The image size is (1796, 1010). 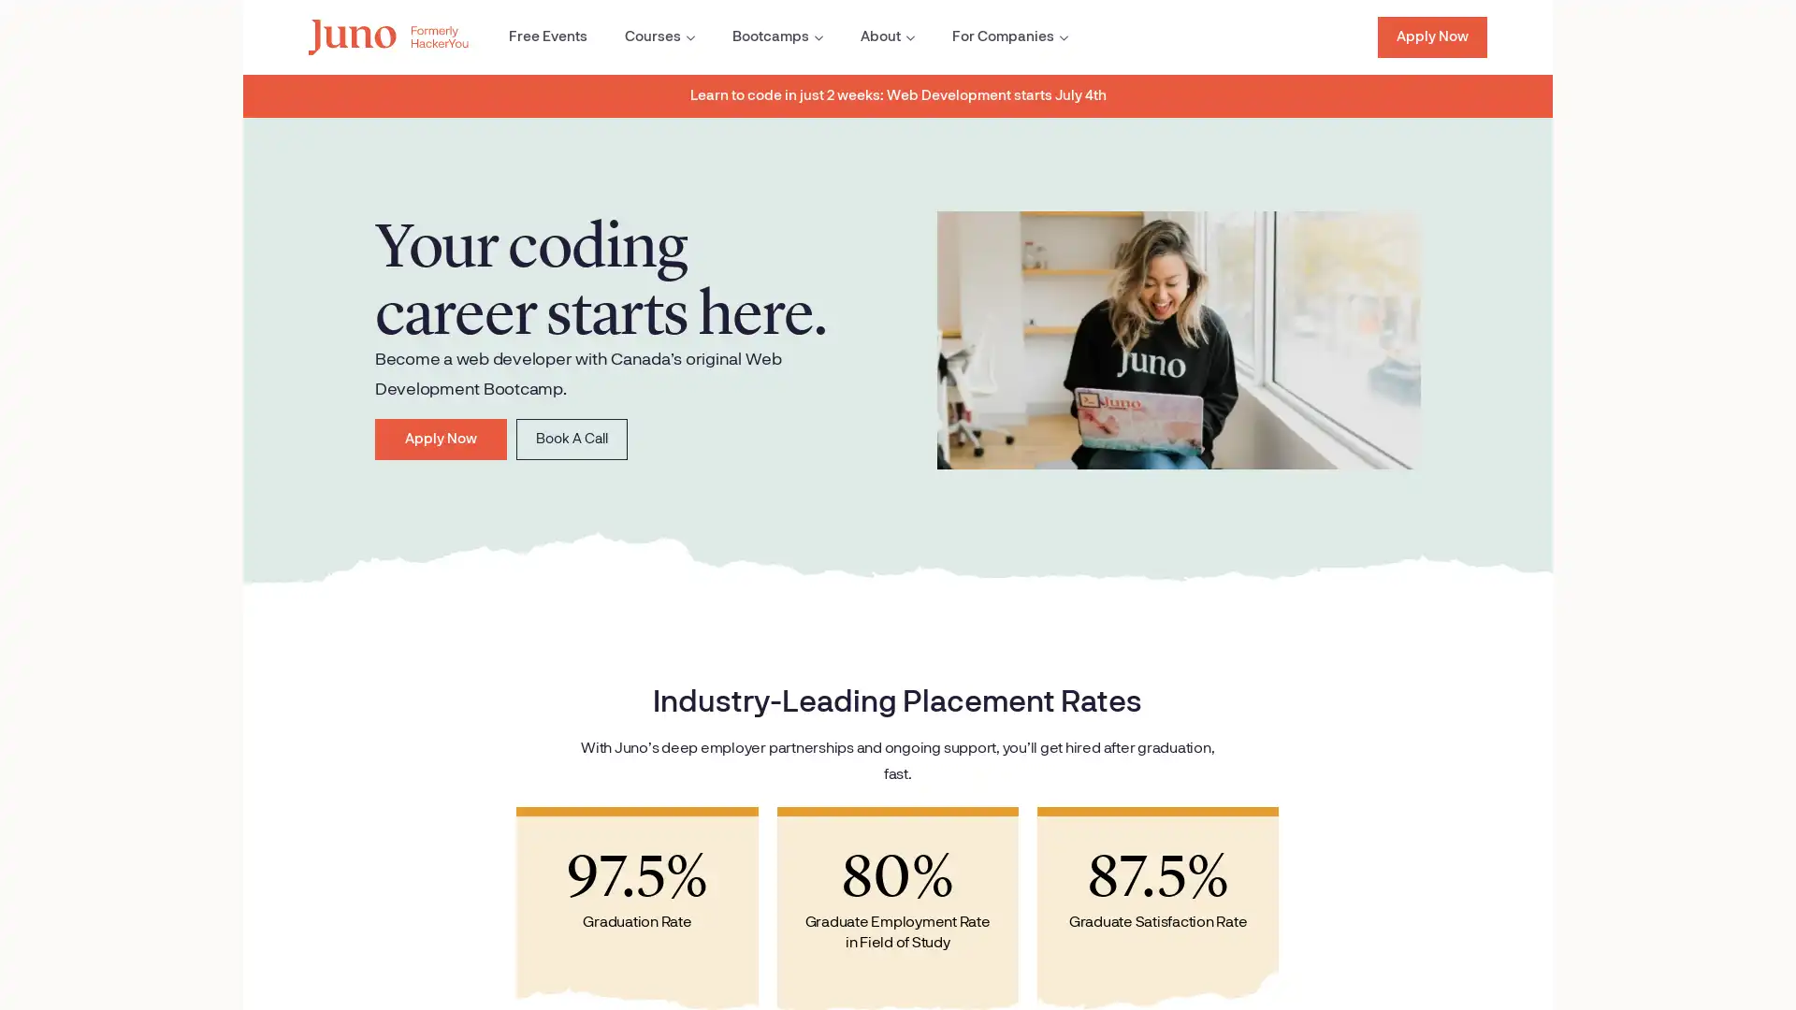 I want to click on Open the Courses sub menu., so click(x=643, y=36).